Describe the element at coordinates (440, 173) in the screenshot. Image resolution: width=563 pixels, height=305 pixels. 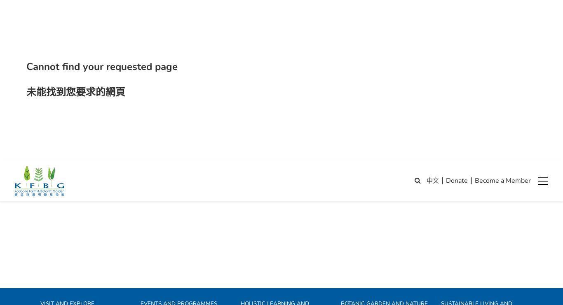
I see `'Cultivate resilience at KFBG'` at that location.